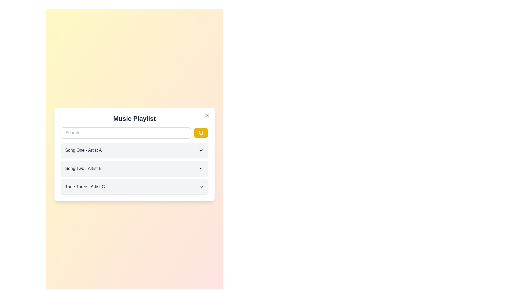  Describe the element at coordinates (201, 168) in the screenshot. I see `the downward-pointing chevron icon next to 'Song Two - Artist B'` at that location.